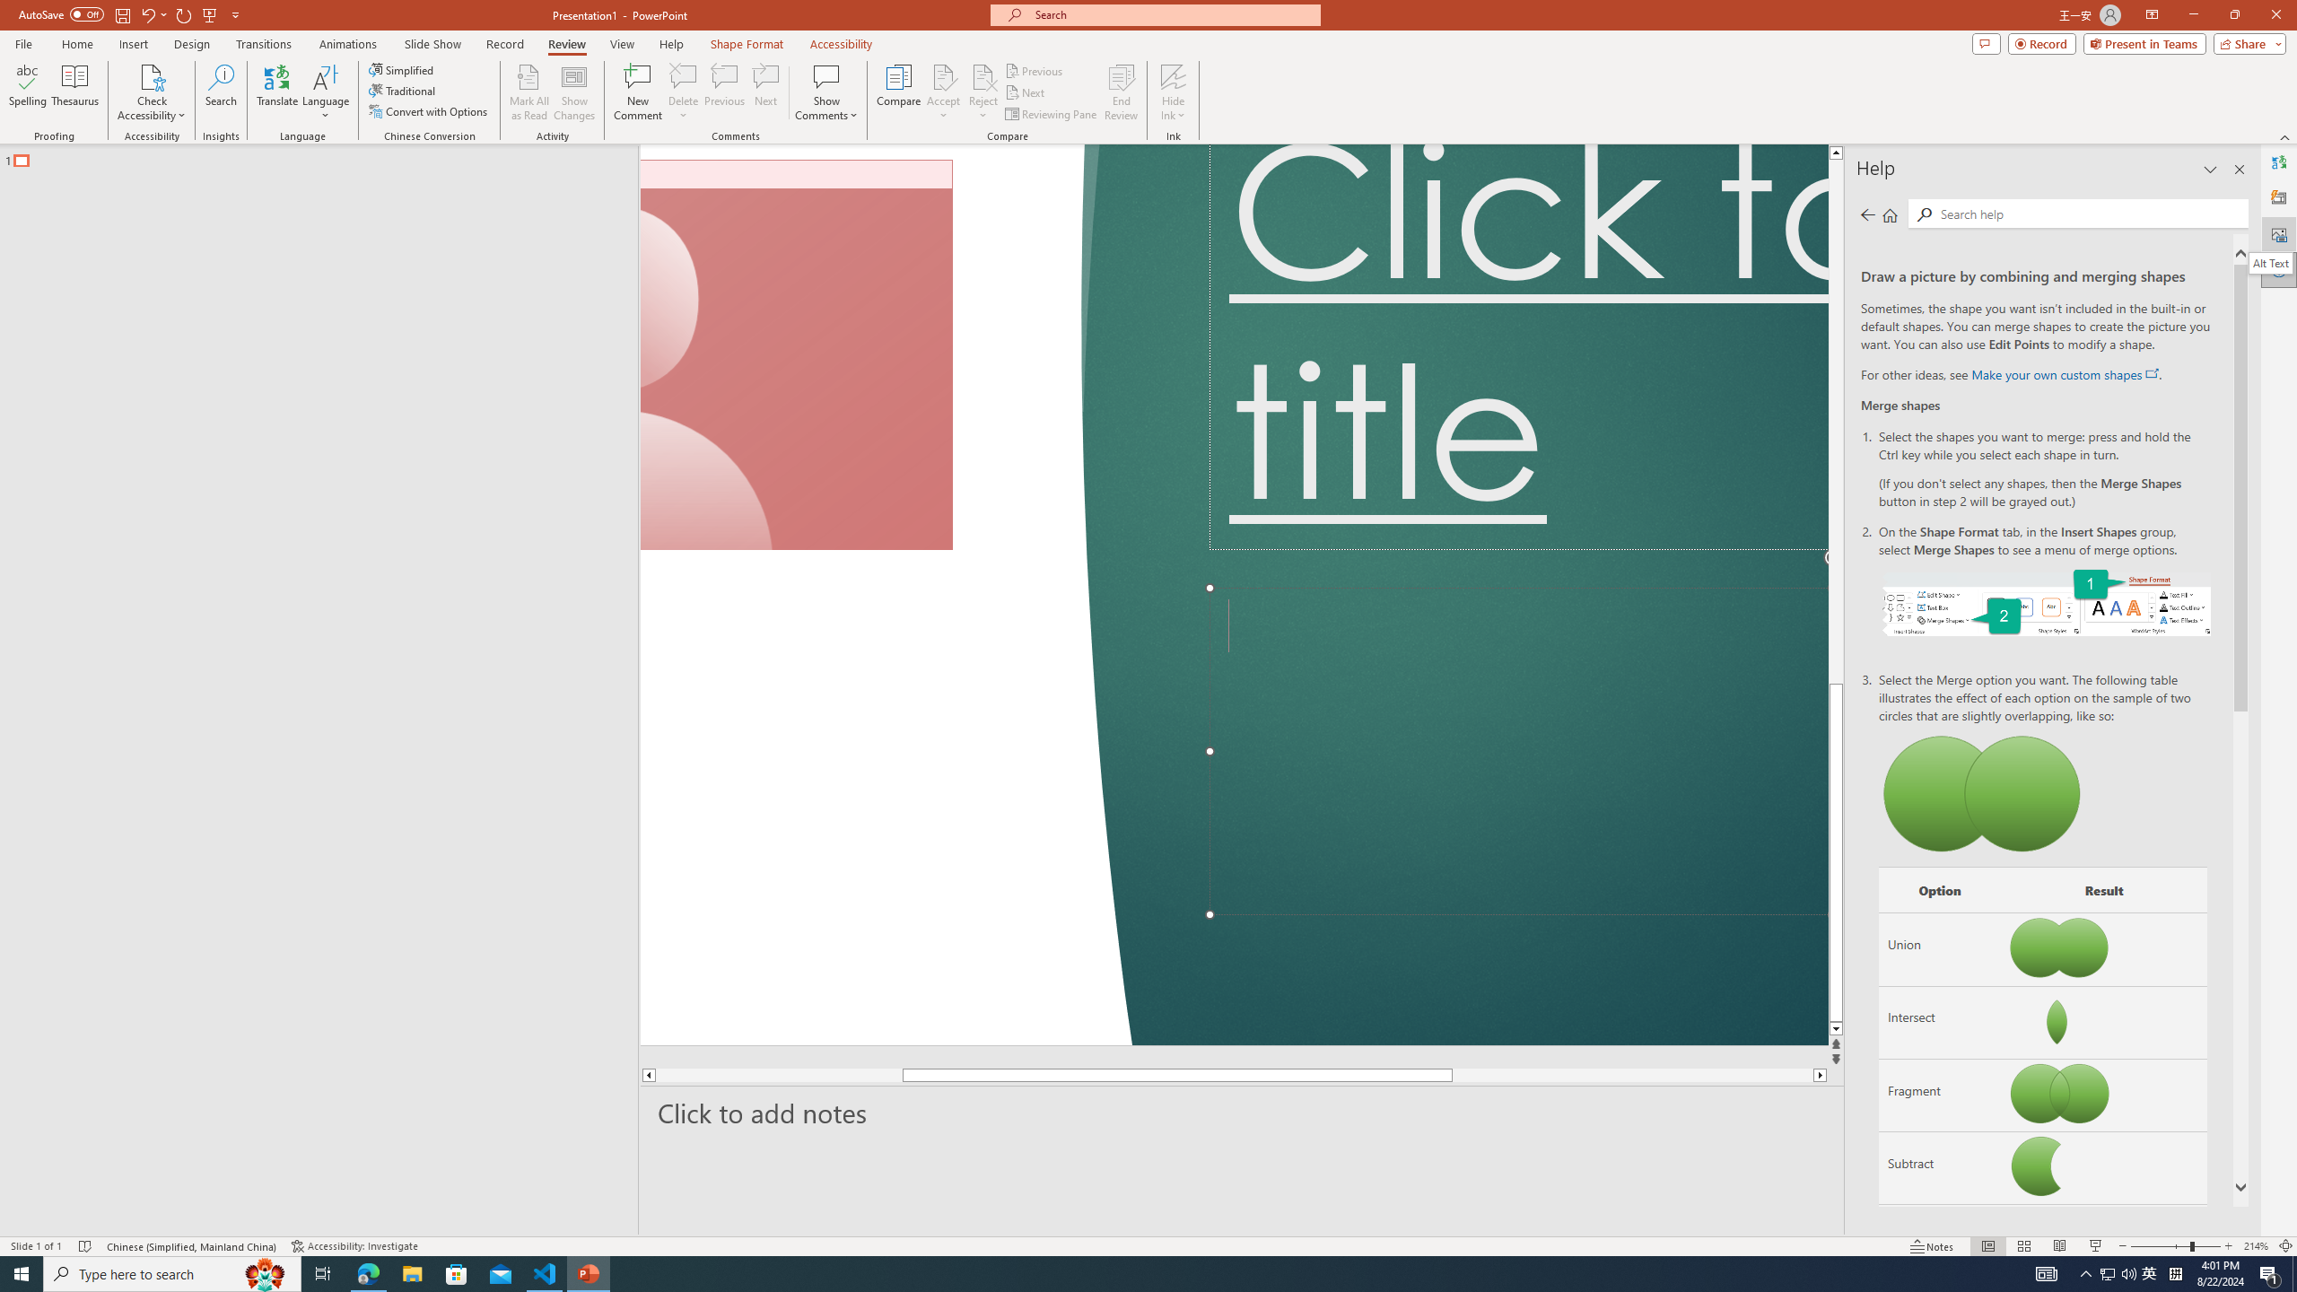  I want to click on 'Shape Format', so click(747, 44).